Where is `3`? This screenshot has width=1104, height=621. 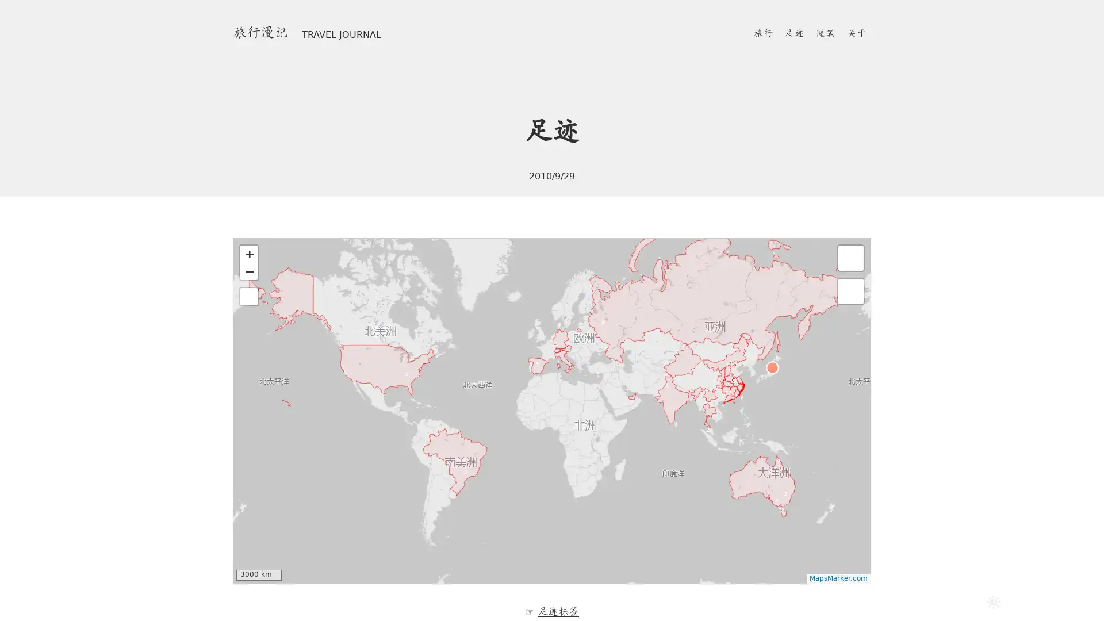
3 is located at coordinates (411, 377).